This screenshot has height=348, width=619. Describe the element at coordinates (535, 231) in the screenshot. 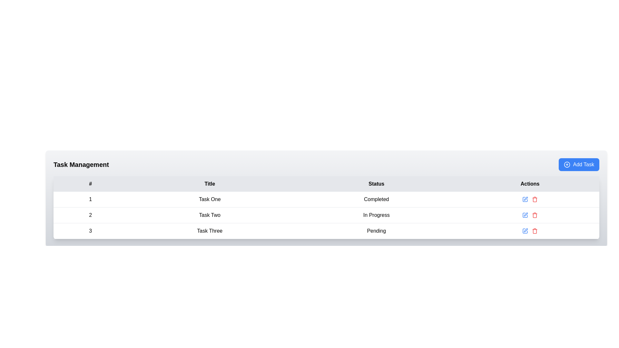

I see `the delete button in the 'Actions' column of the third row in the task table` at that location.